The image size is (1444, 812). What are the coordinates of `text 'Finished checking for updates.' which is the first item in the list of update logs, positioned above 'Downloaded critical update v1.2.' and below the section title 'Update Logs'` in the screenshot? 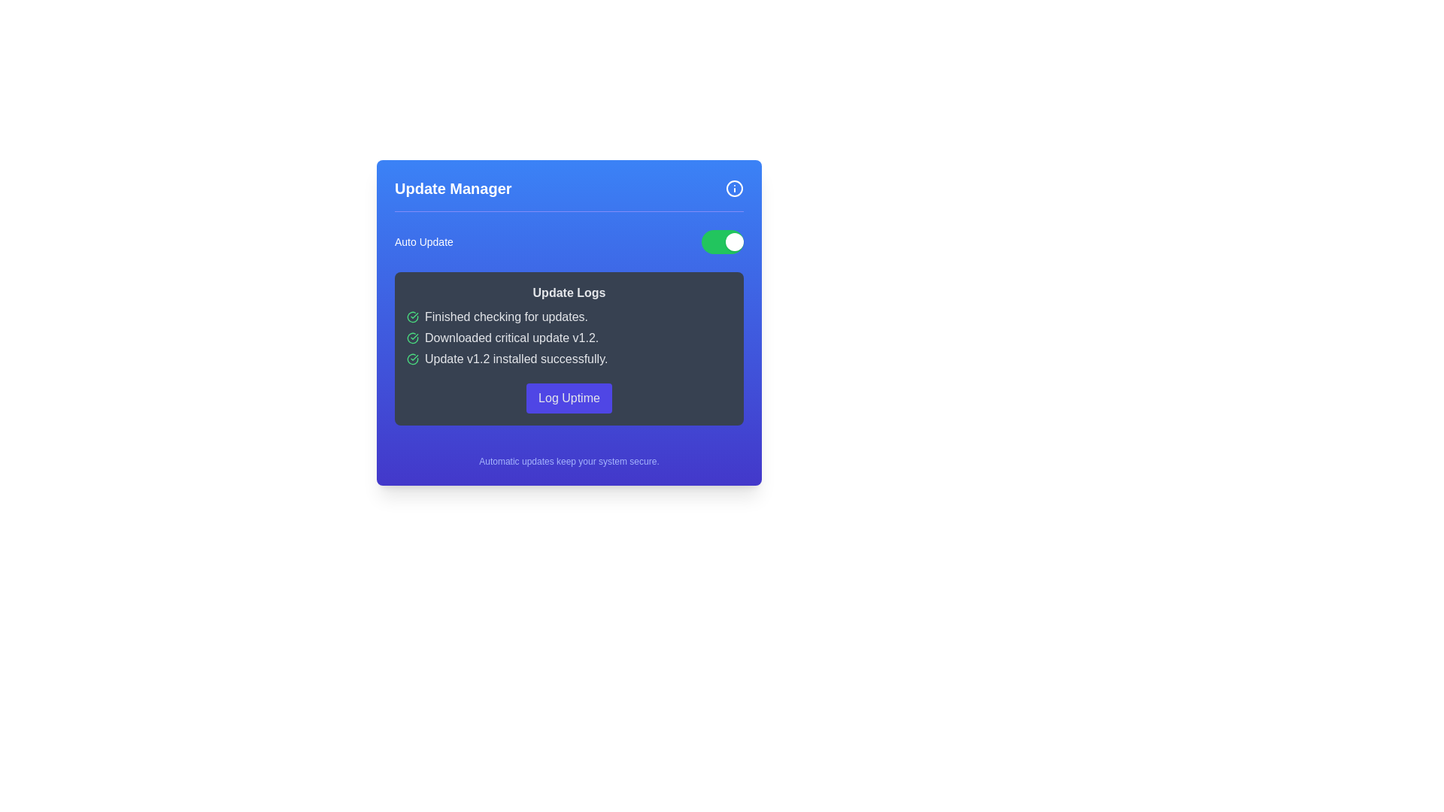 It's located at (569, 316).